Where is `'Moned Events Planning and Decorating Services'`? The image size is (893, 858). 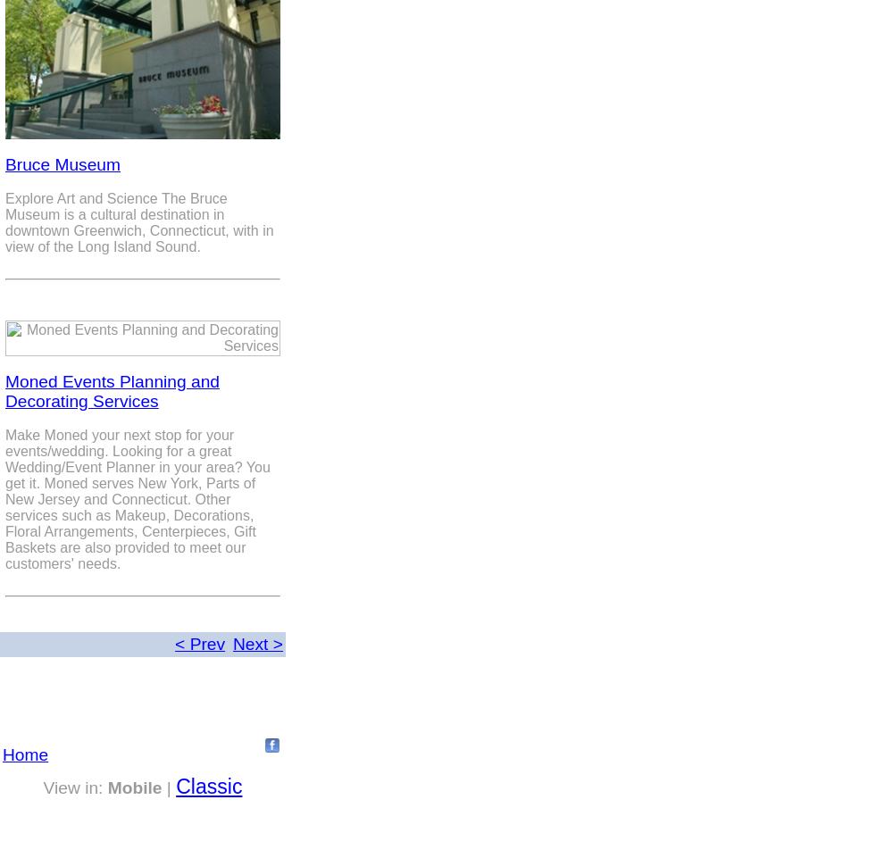
'Moned Events Planning and Decorating Services' is located at coordinates (113, 390).